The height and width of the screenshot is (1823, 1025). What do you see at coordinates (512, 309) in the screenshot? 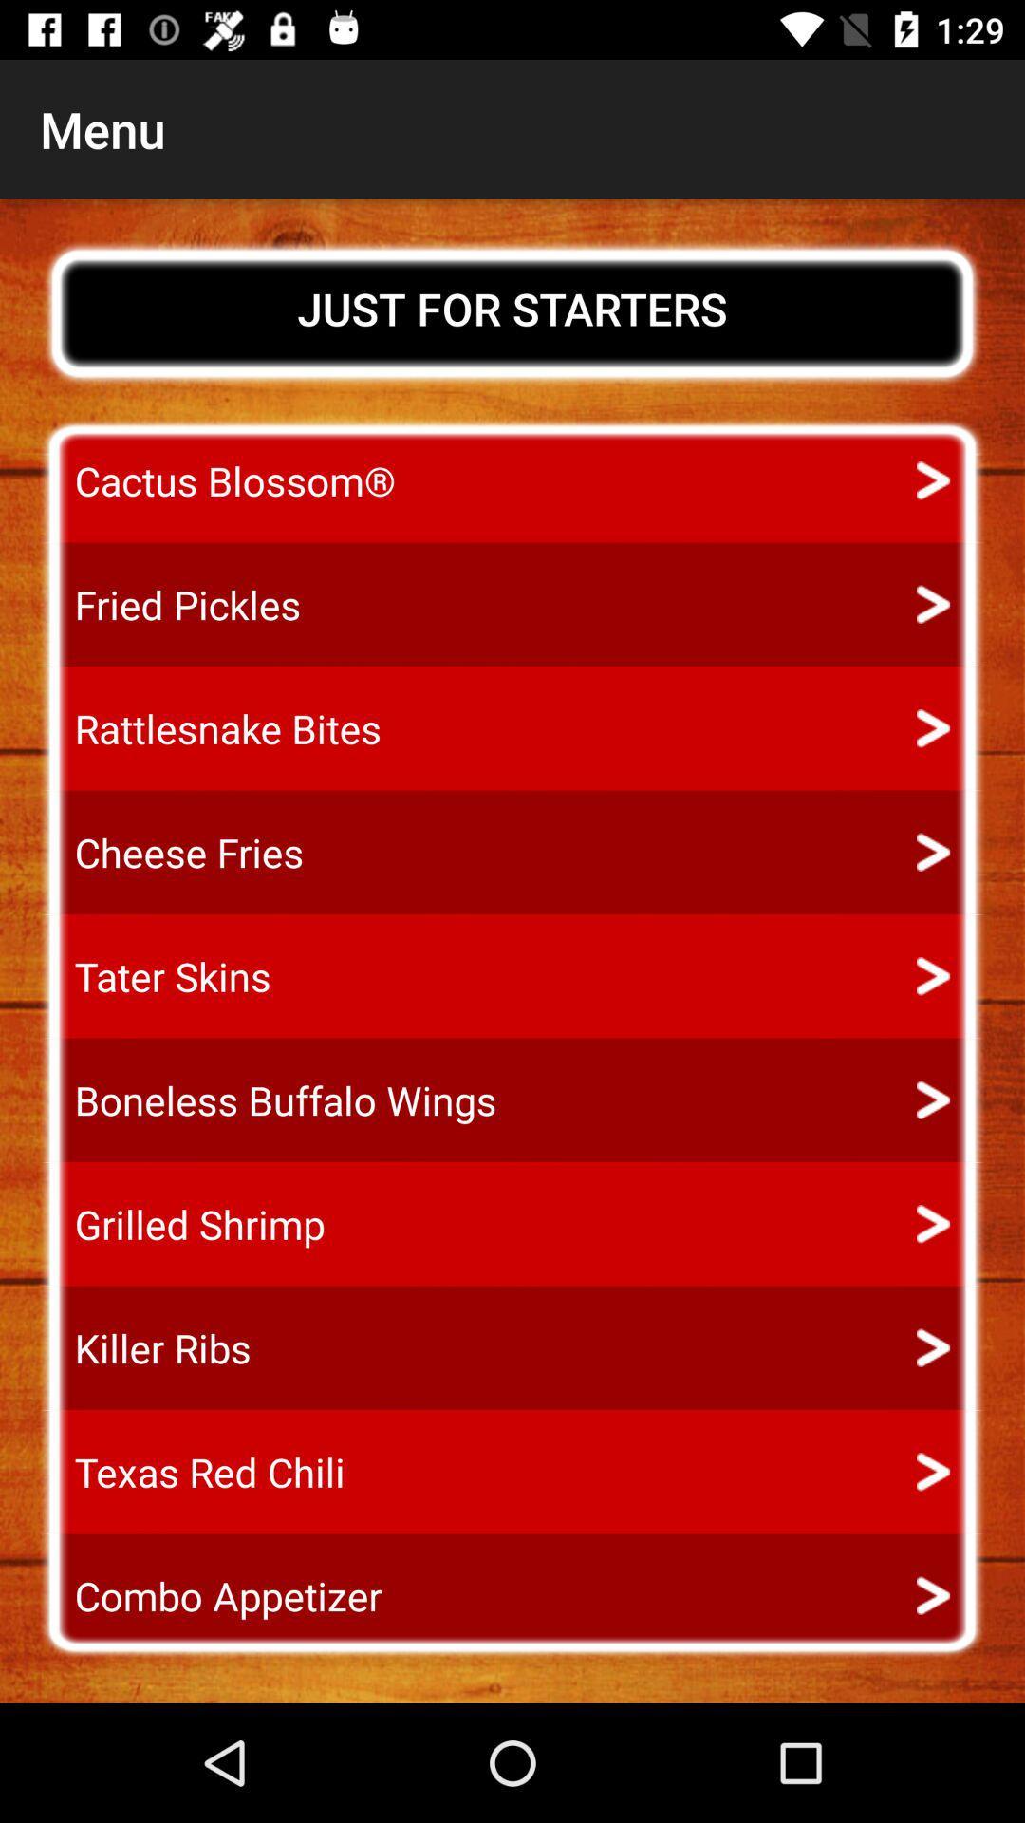
I see `app below menu icon` at bounding box center [512, 309].